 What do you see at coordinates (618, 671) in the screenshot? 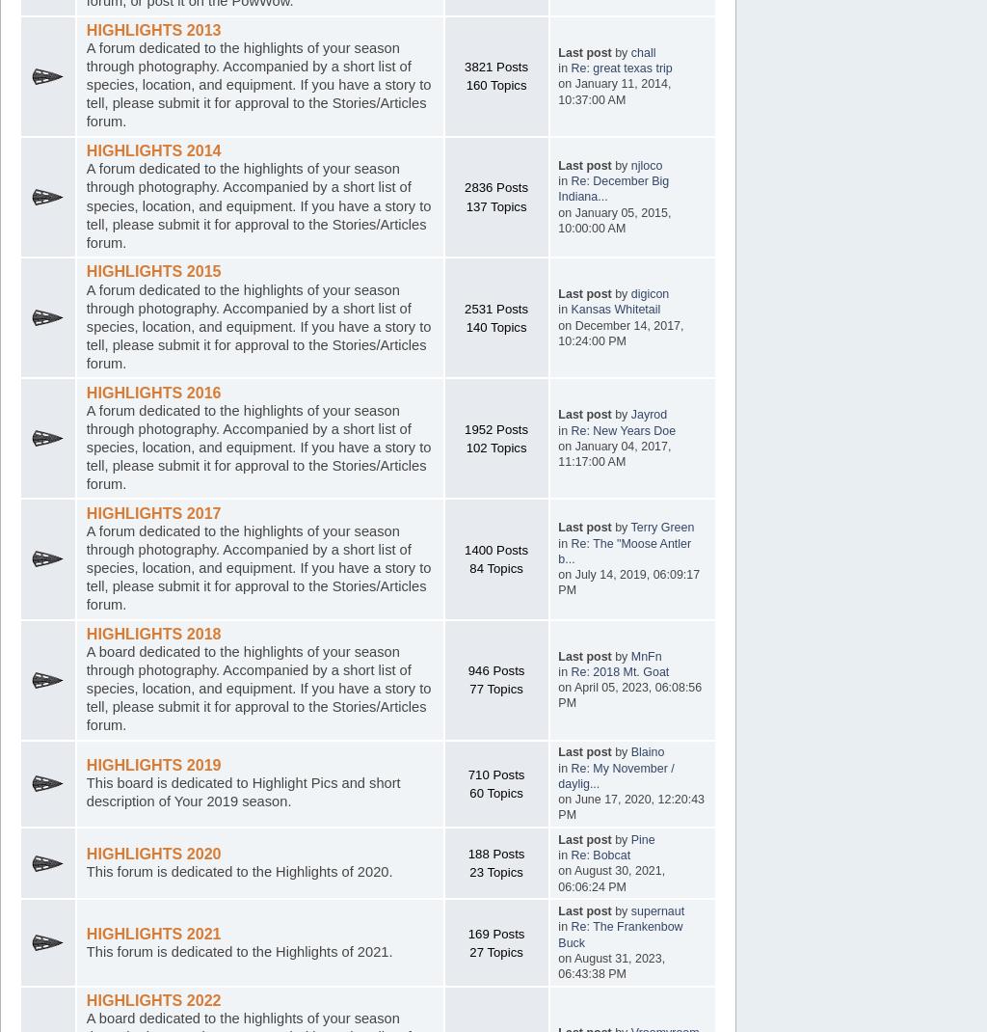
I see `'Re: 2018 Mt. Goat'` at bounding box center [618, 671].